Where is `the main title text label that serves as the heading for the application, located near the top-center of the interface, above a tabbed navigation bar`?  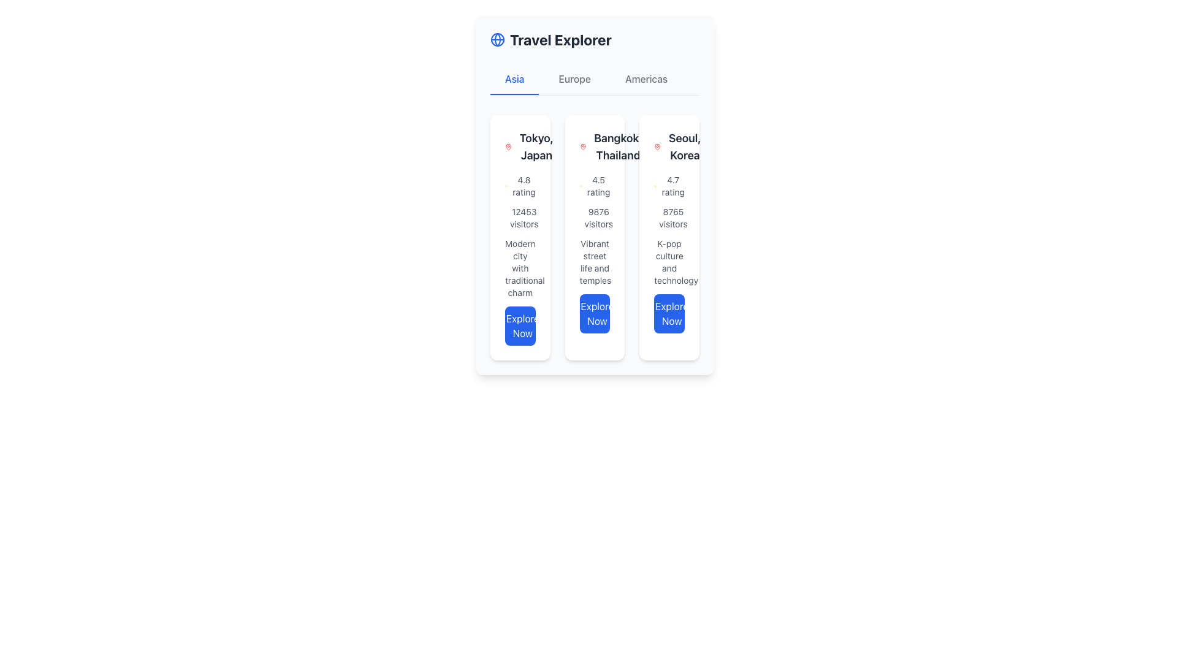
the main title text label that serves as the heading for the application, located near the top-center of the interface, above a tabbed navigation bar is located at coordinates (560, 39).